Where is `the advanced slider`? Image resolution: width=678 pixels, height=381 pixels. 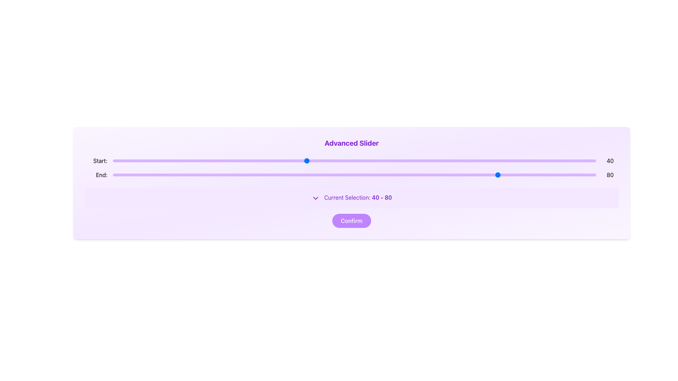 the advanced slider is located at coordinates (200, 161).